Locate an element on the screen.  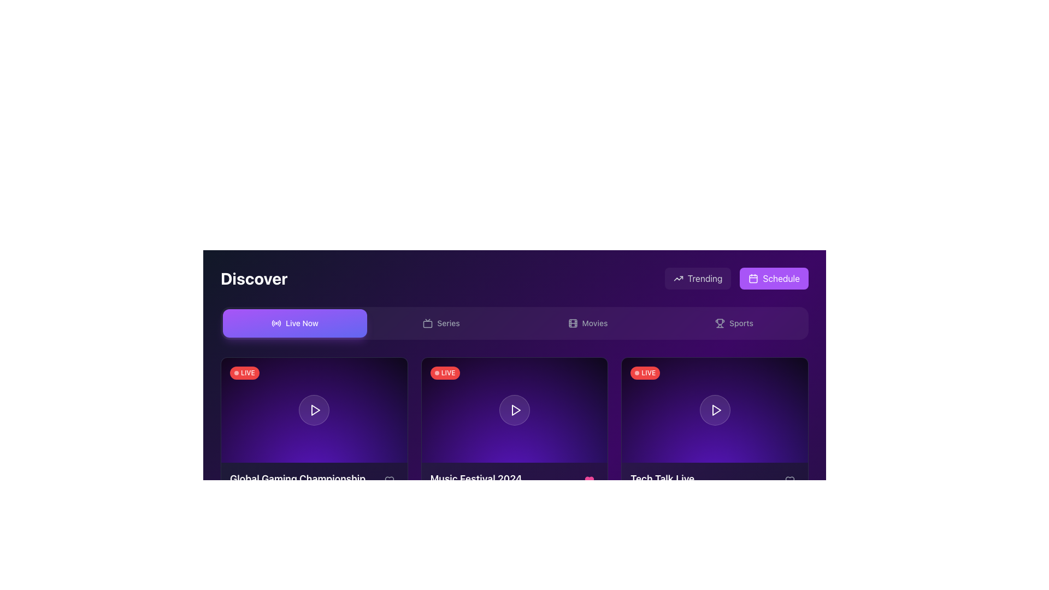
the second card's title text label in the 'Discover' section, which provides information about the content of the related card is located at coordinates (476, 478).